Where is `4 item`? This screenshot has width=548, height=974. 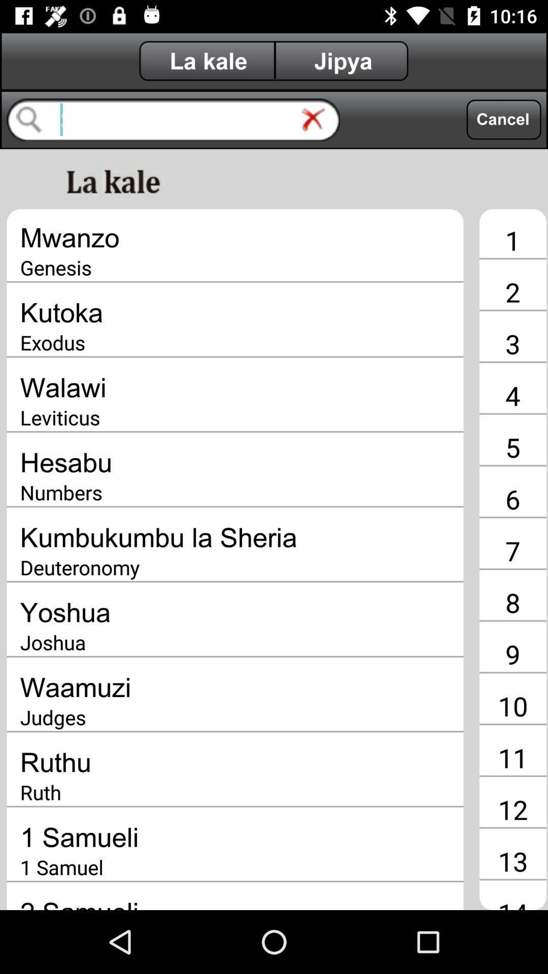 4 item is located at coordinates (512, 395).